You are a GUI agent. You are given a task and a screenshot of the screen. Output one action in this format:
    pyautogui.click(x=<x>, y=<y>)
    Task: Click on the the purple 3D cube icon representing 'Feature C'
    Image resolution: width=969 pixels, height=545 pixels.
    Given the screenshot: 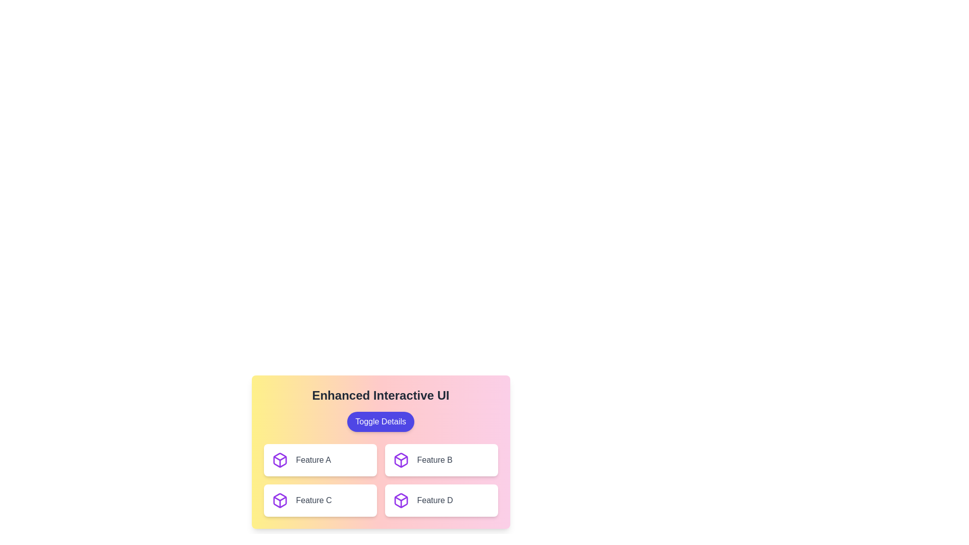 What is the action you would take?
    pyautogui.click(x=280, y=500)
    